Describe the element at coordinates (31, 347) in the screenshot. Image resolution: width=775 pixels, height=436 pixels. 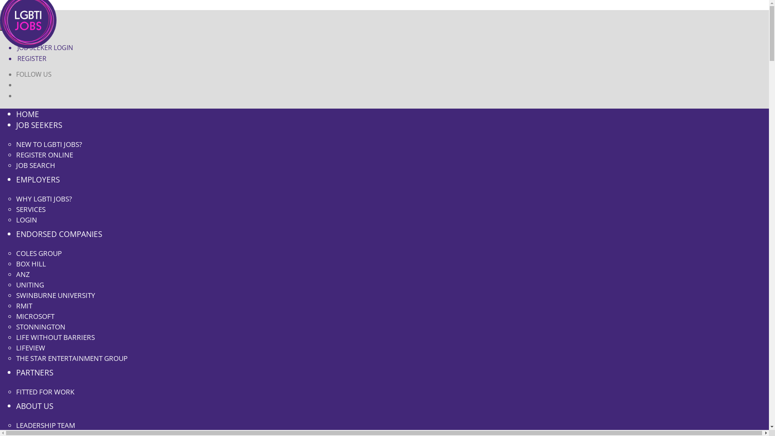
I see `'LIFEVIEW'` at that location.